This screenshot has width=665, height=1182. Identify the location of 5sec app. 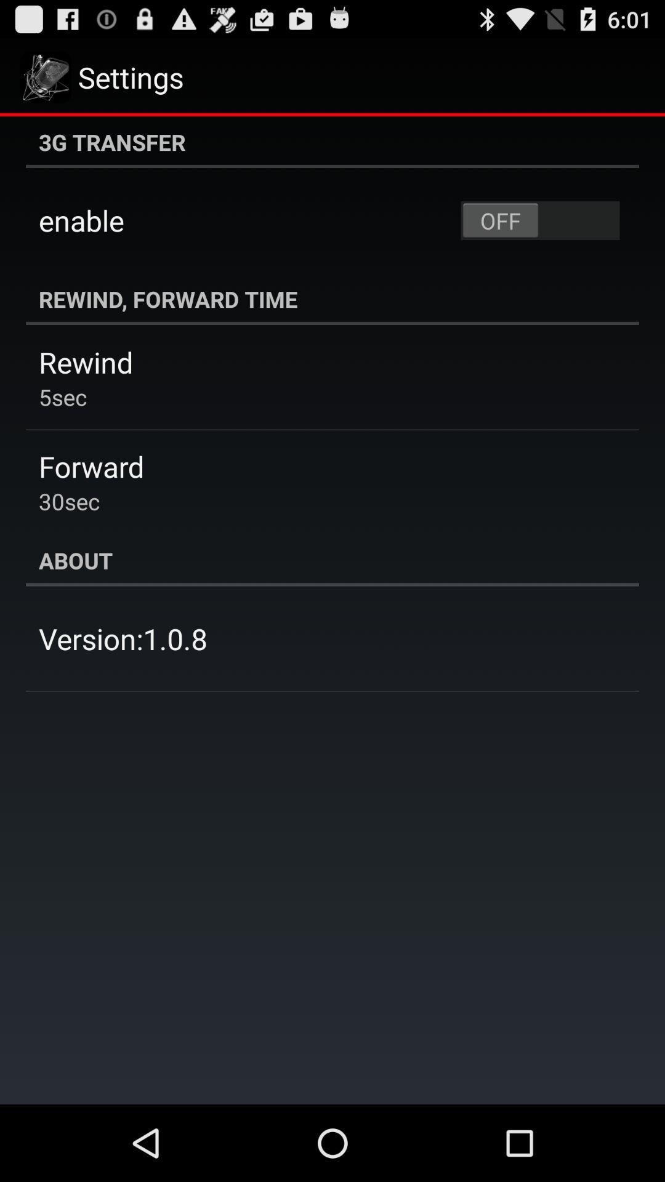
(63, 396).